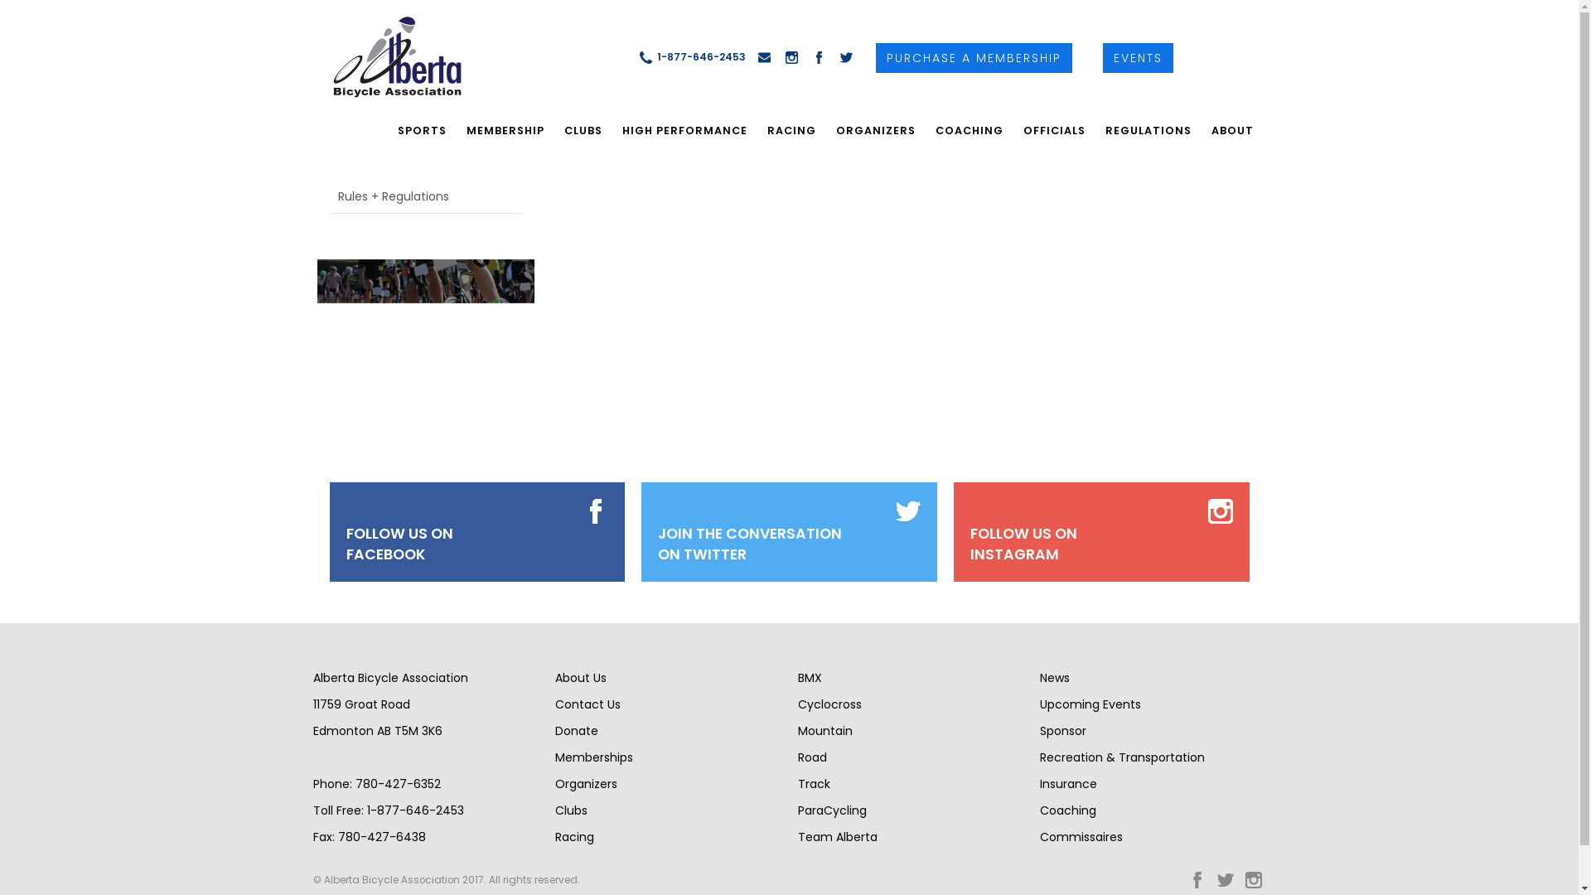 Image resolution: width=1591 pixels, height=895 pixels. I want to click on '780-427-6352', so click(396, 783).